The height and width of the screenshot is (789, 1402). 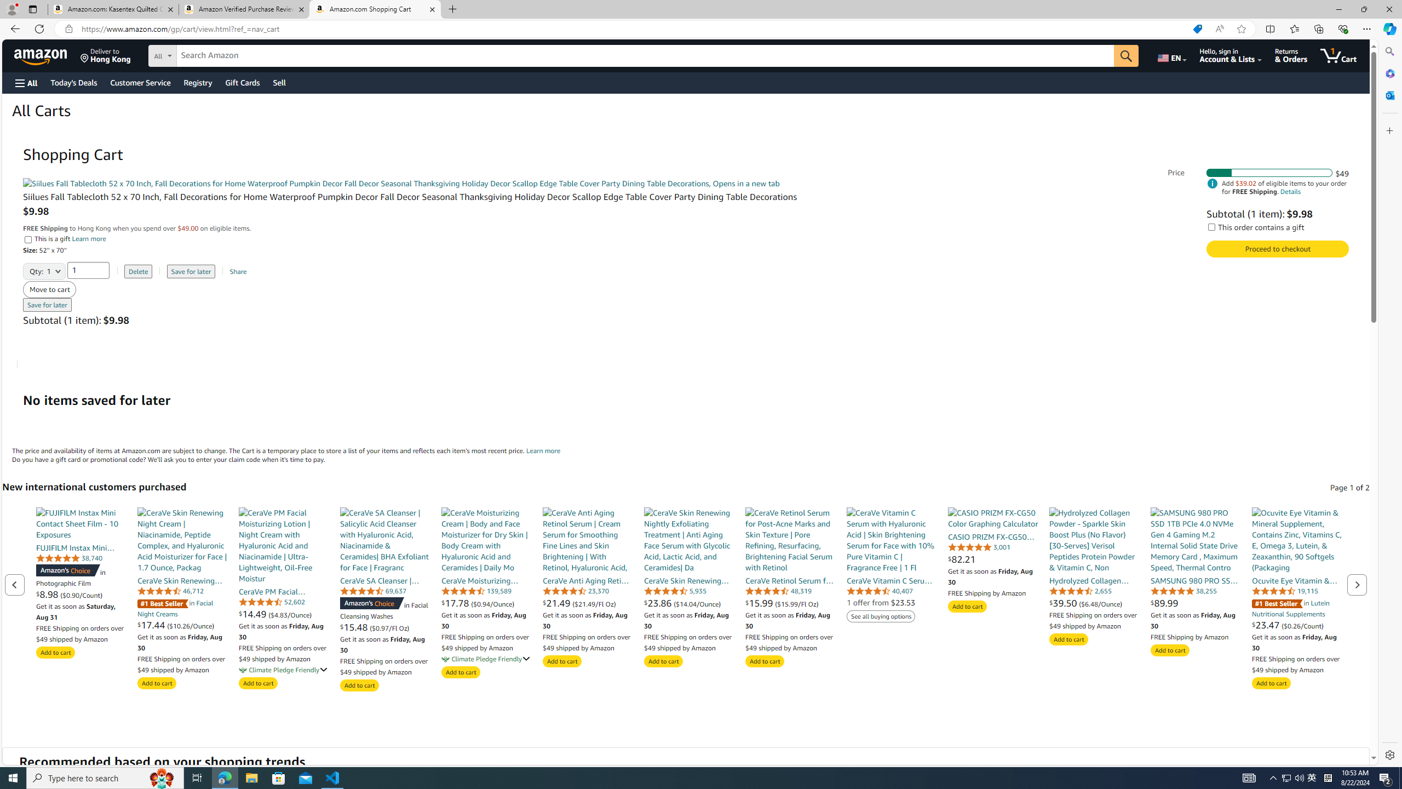 I want to click on 'This order contains a gift', so click(x=1212, y=226).